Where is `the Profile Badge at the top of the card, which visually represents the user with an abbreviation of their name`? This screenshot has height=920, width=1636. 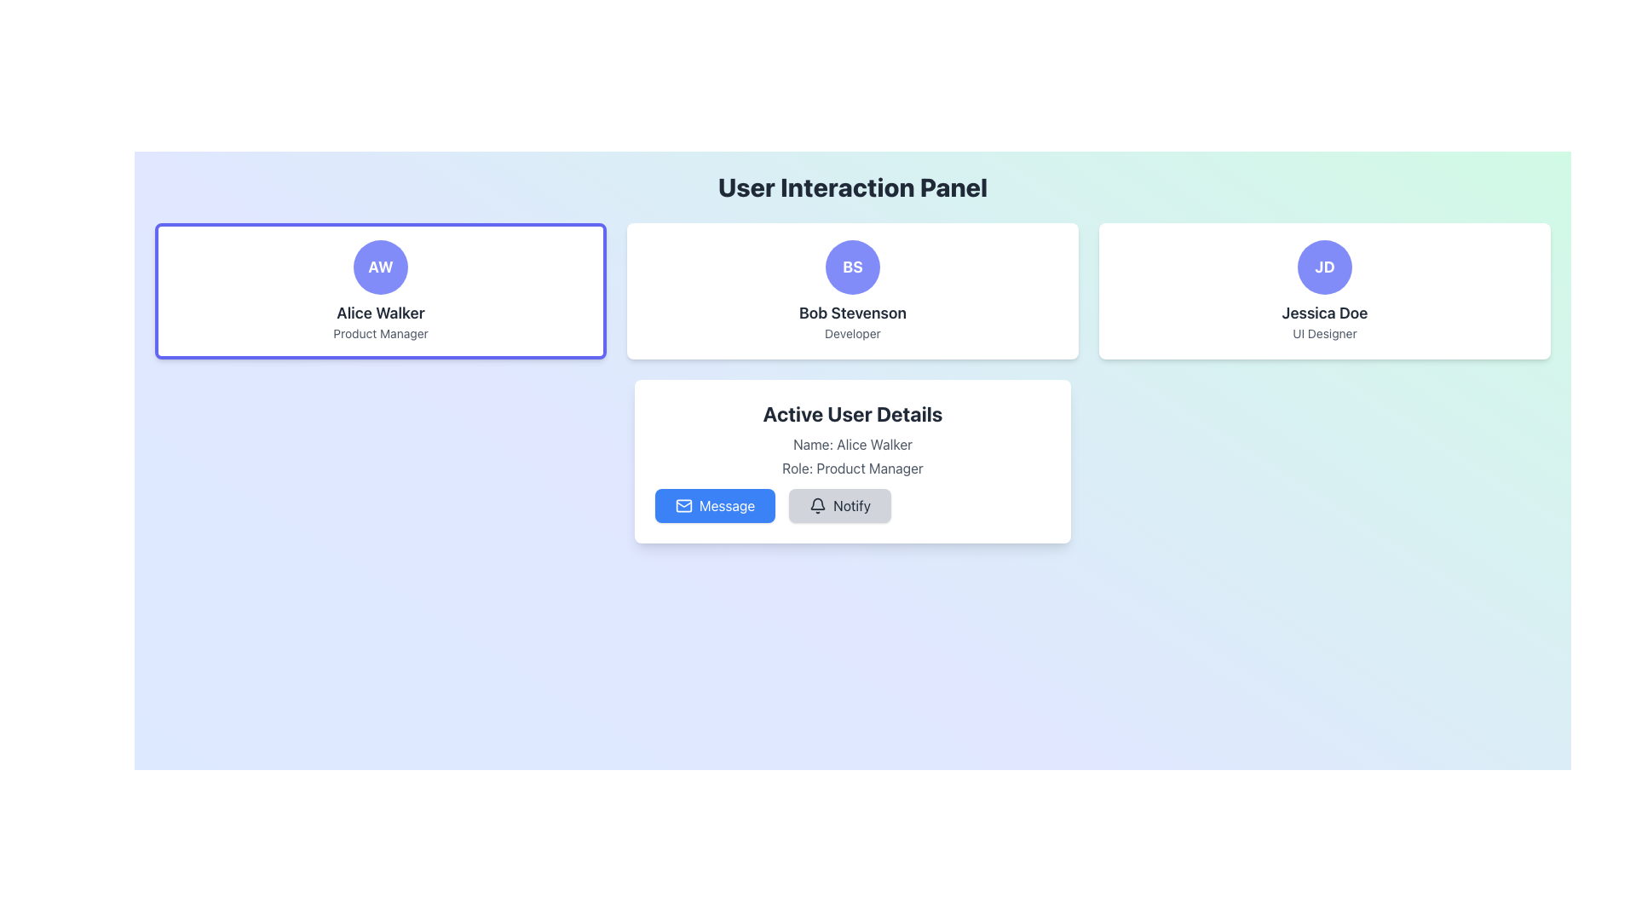
the Profile Badge at the top of the card, which visually represents the user with an abbreviation of their name is located at coordinates (853, 267).